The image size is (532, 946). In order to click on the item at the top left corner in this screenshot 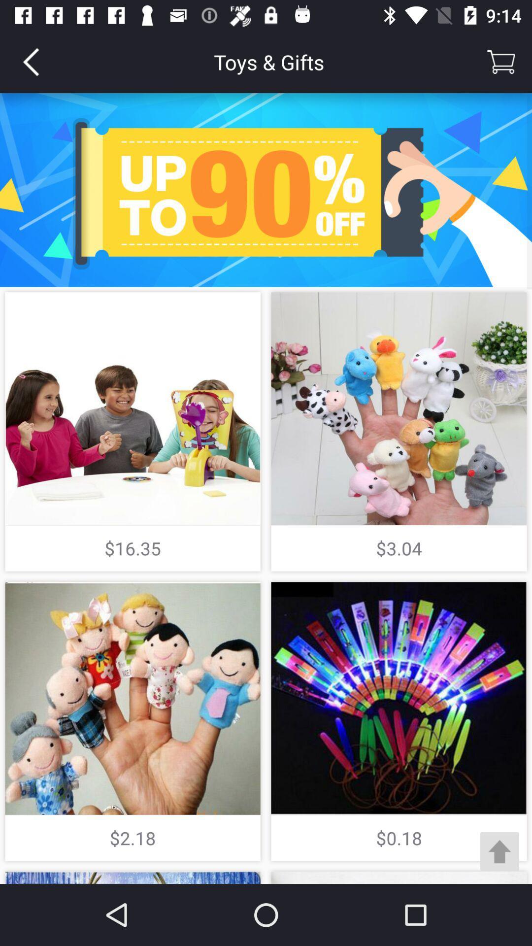, I will do `click(30, 61)`.